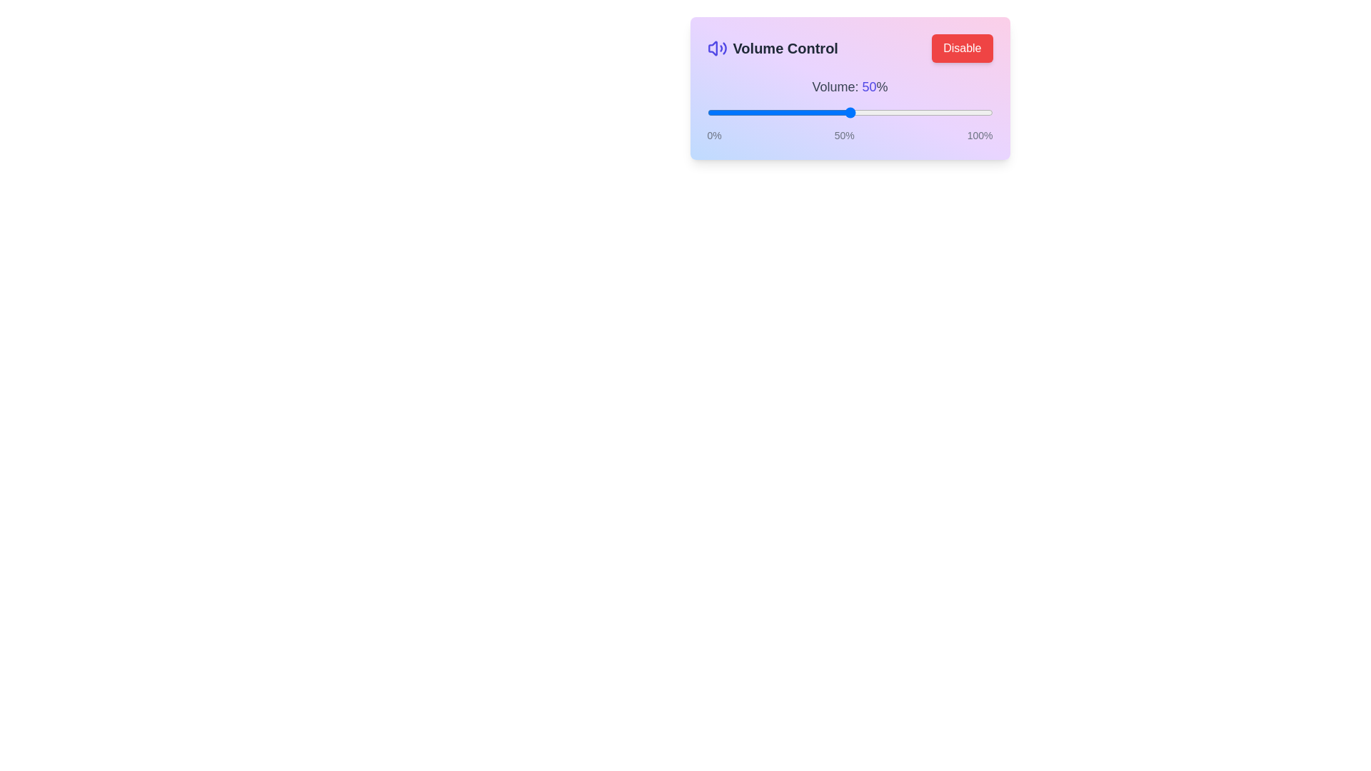 Image resolution: width=1371 pixels, height=771 pixels. I want to click on displayed text from the static label showing the current volume level, which is positioned to the right of 'Volume:' and shows 'Volume: 50%', so click(868, 87).